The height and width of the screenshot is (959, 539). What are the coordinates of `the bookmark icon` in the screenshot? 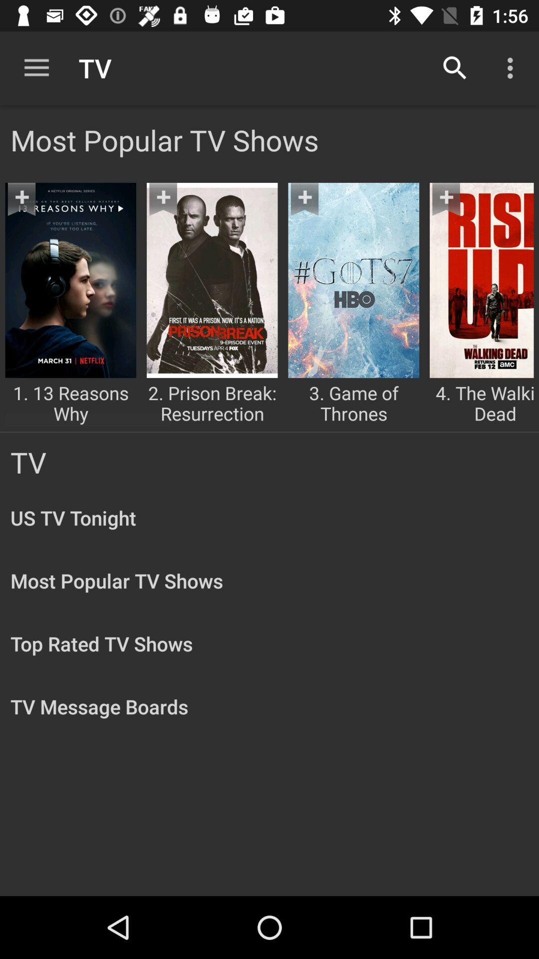 It's located at (313, 208).